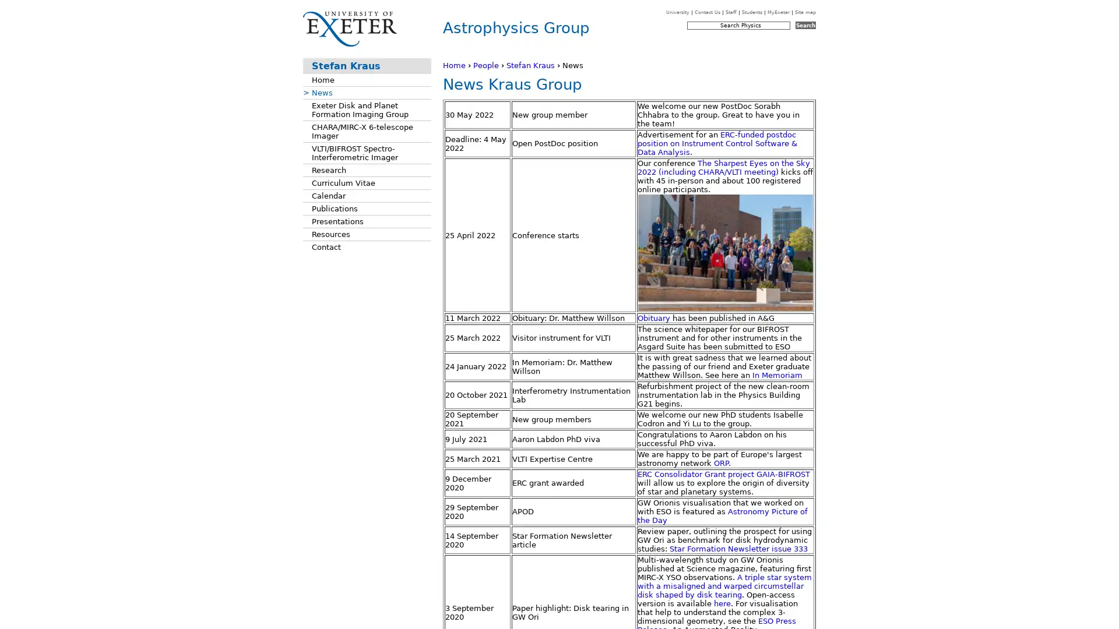 This screenshot has width=1119, height=629. I want to click on Search, so click(805, 25).